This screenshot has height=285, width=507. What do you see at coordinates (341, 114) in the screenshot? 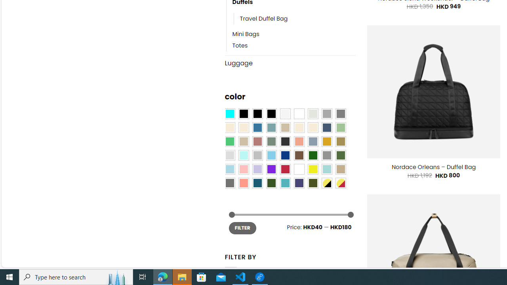
I see `'All Gray'` at bounding box center [341, 114].